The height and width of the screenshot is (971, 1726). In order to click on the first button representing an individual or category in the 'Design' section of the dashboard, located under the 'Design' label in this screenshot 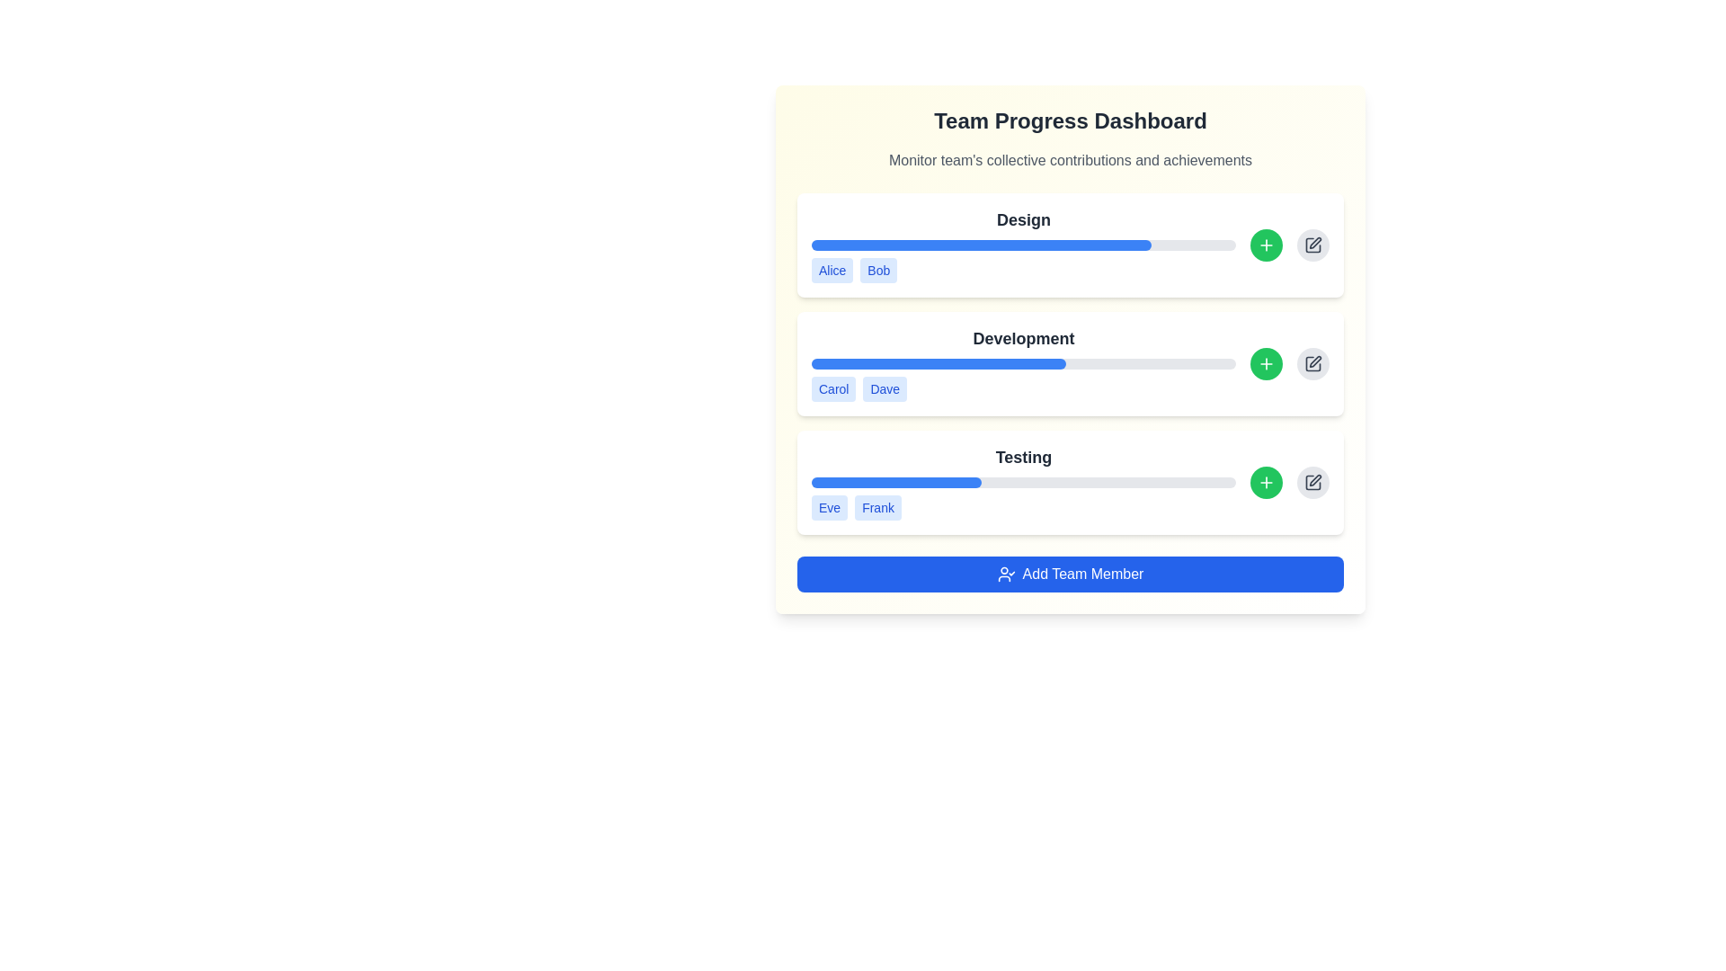, I will do `click(832, 270)`.